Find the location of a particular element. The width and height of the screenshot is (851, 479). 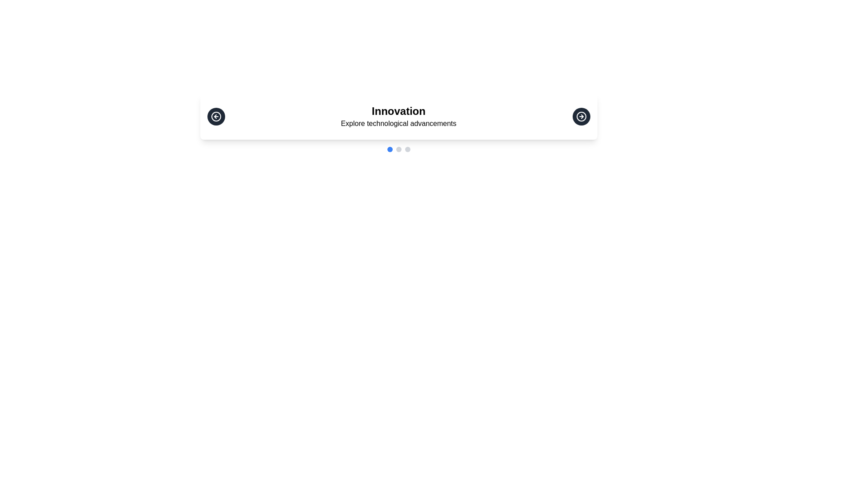

the static informational component displaying the text 'Innovation' with the smaller grey text 'Explore technological advancements' is located at coordinates (398, 116).